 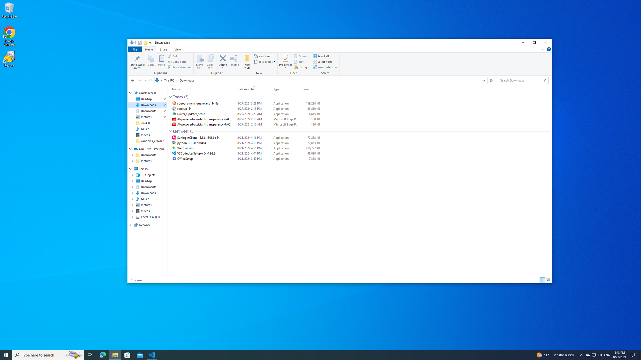 I want to click on 'Previous Locations', so click(x=483, y=80).